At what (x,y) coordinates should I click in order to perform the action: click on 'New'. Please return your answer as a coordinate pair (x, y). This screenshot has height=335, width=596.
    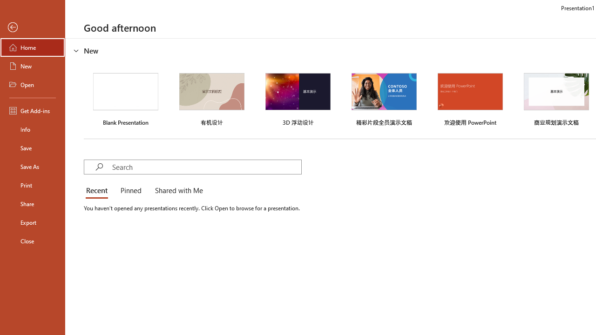
    Looking at the image, I should click on (32, 65).